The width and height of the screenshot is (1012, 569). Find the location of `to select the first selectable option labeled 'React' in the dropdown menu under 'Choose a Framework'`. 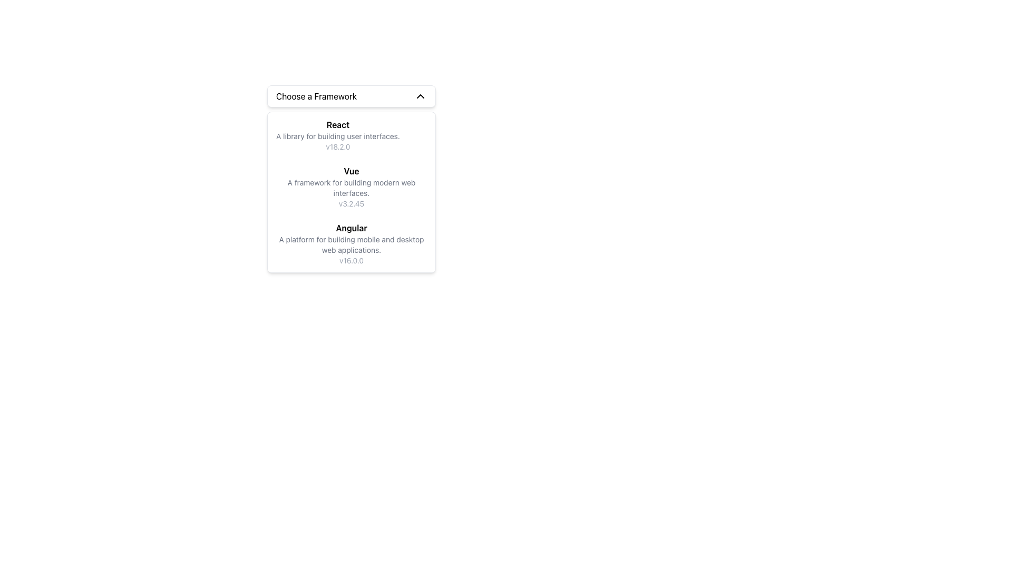

to select the first selectable option labeled 'React' in the dropdown menu under 'Choose a Framework' is located at coordinates (352, 135).